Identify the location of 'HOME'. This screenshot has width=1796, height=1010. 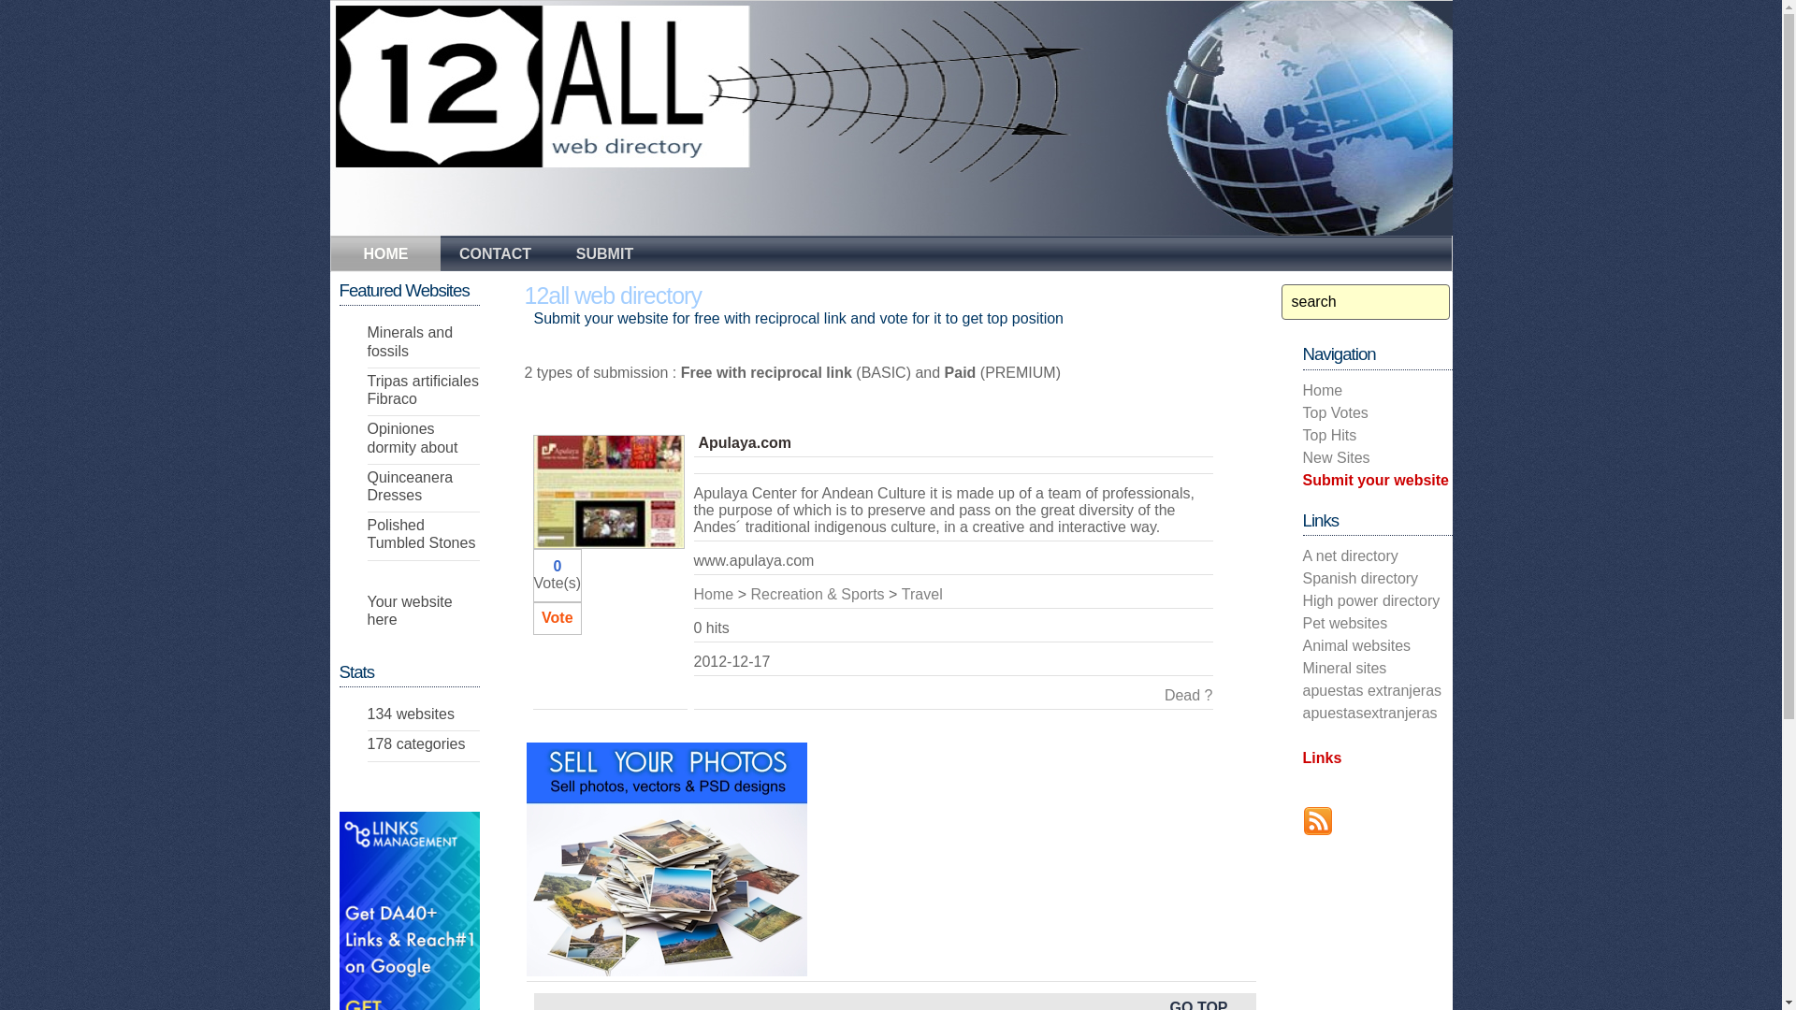
(384, 255).